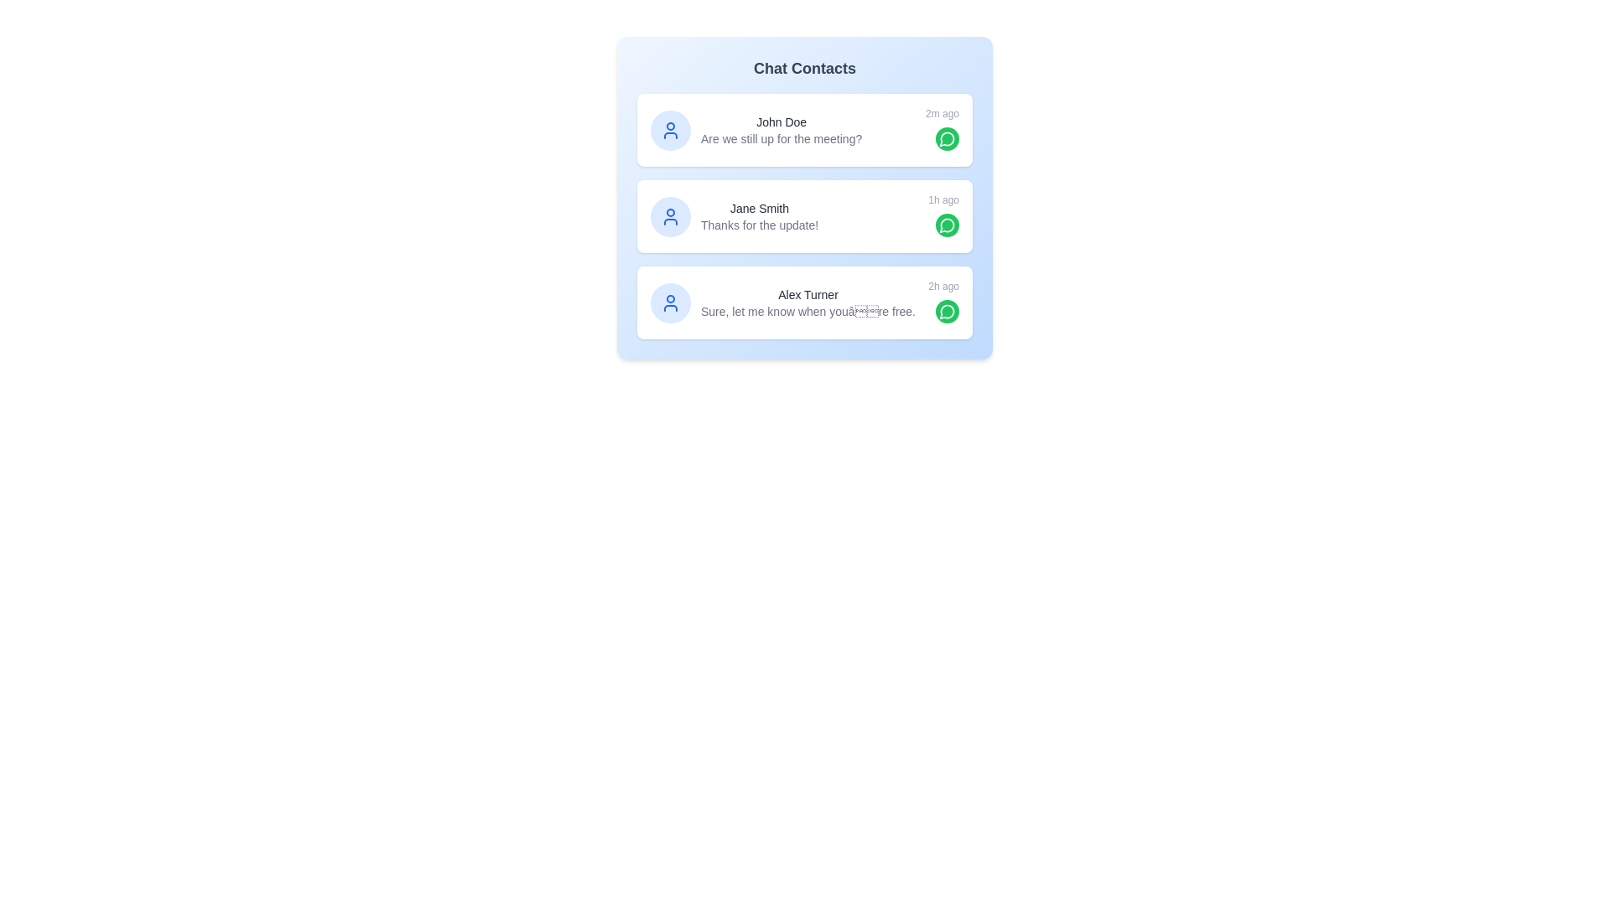  I want to click on the contact Alex Turner to view its hover effects, so click(805, 303).